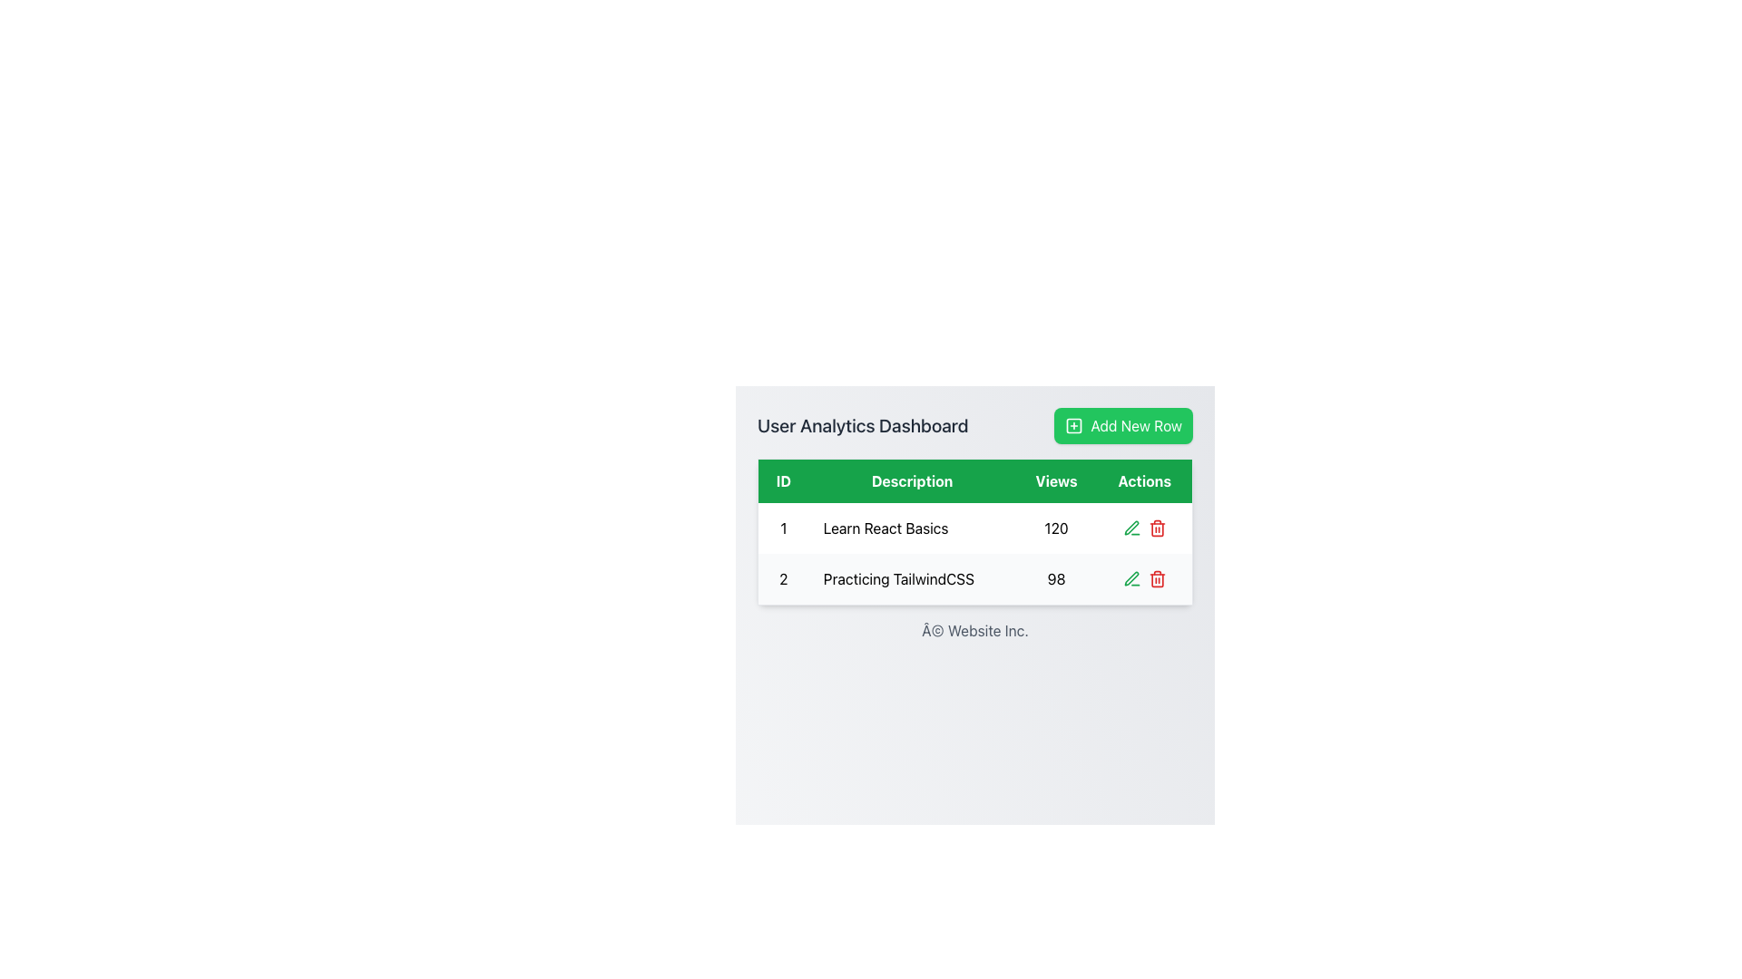 The height and width of the screenshot is (979, 1742). What do you see at coordinates (974, 579) in the screenshot?
I see `the second row in the 'User Analytics Dashboard' table, which contains the identifier '2' and the description 'Practicing TailwindCSS'` at bounding box center [974, 579].